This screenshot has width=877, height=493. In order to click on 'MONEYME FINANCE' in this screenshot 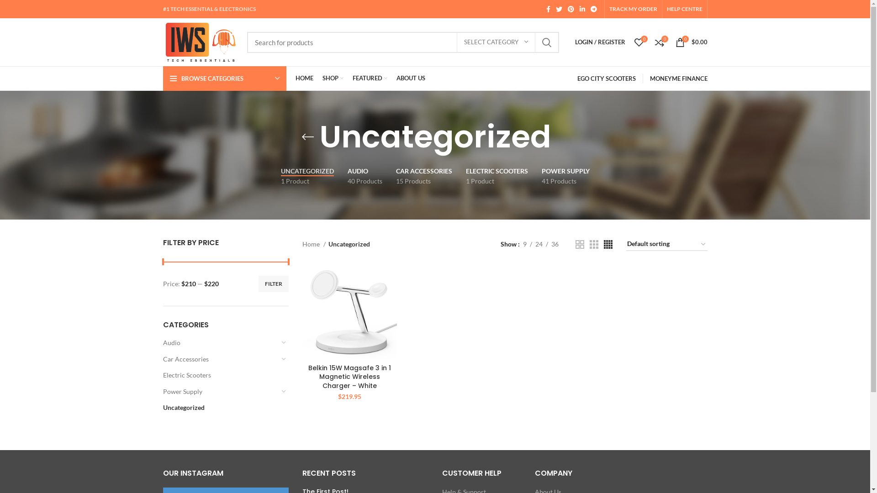, I will do `click(678, 78)`.